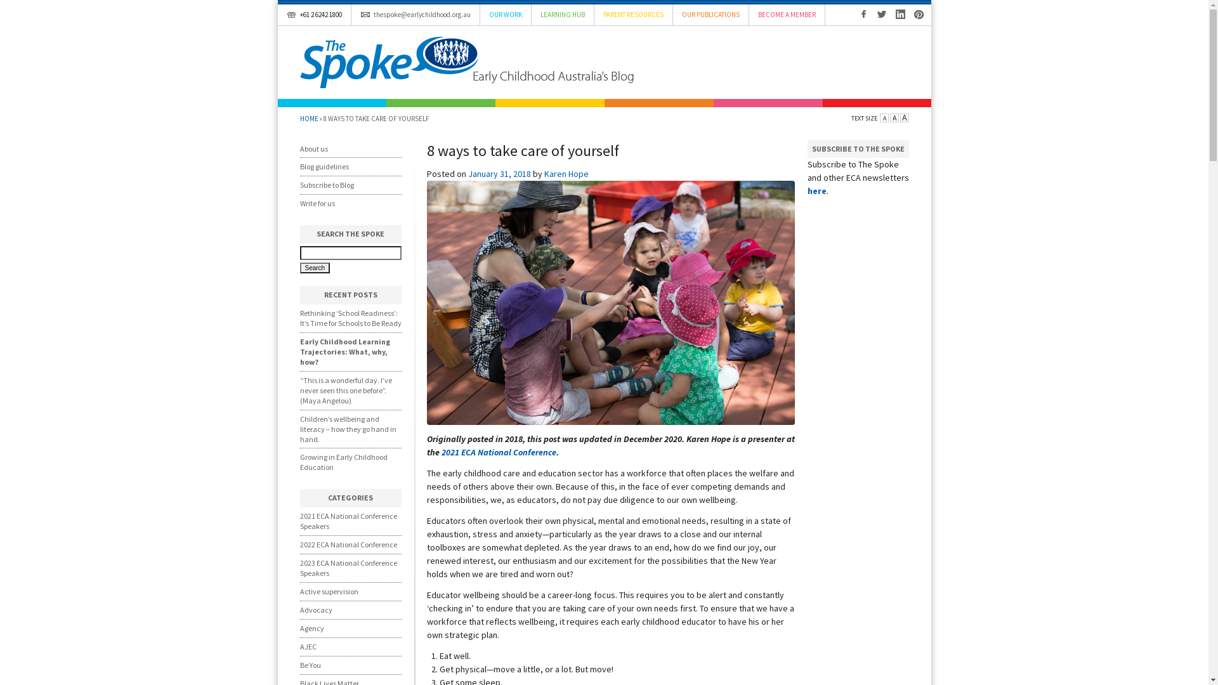 Image resolution: width=1218 pixels, height=685 pixels. I want to click on 'Active supervision', so click(298, 591).